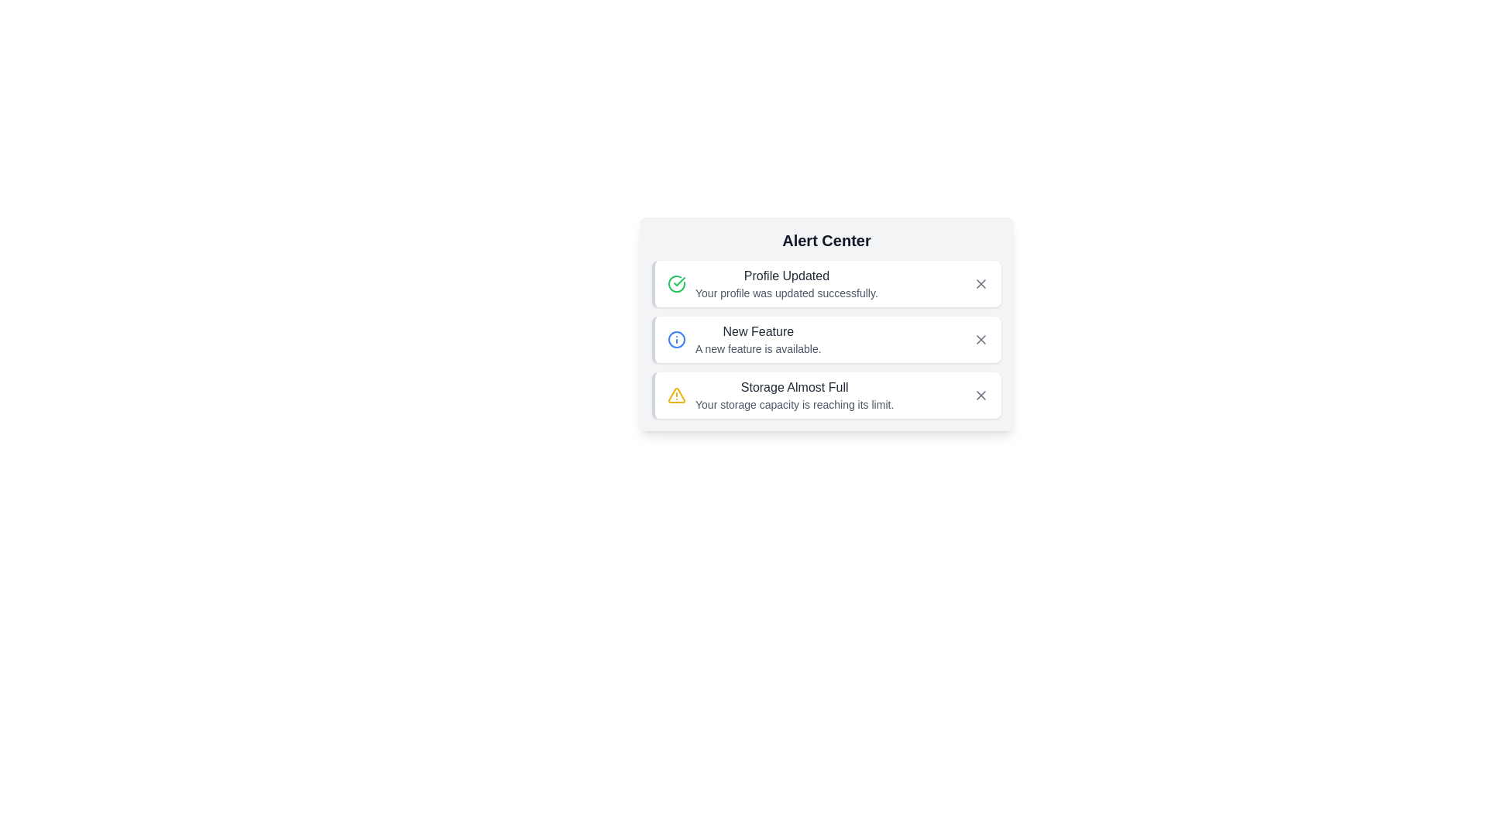  What do you see at coordinates (980, 283) in the screenshot?
I see `the close button icon (styled as an 'X') located at the far-right end of the alert item with the text 'Profile Updated' in the Alert Center panel` at bounding box center [980, 283].